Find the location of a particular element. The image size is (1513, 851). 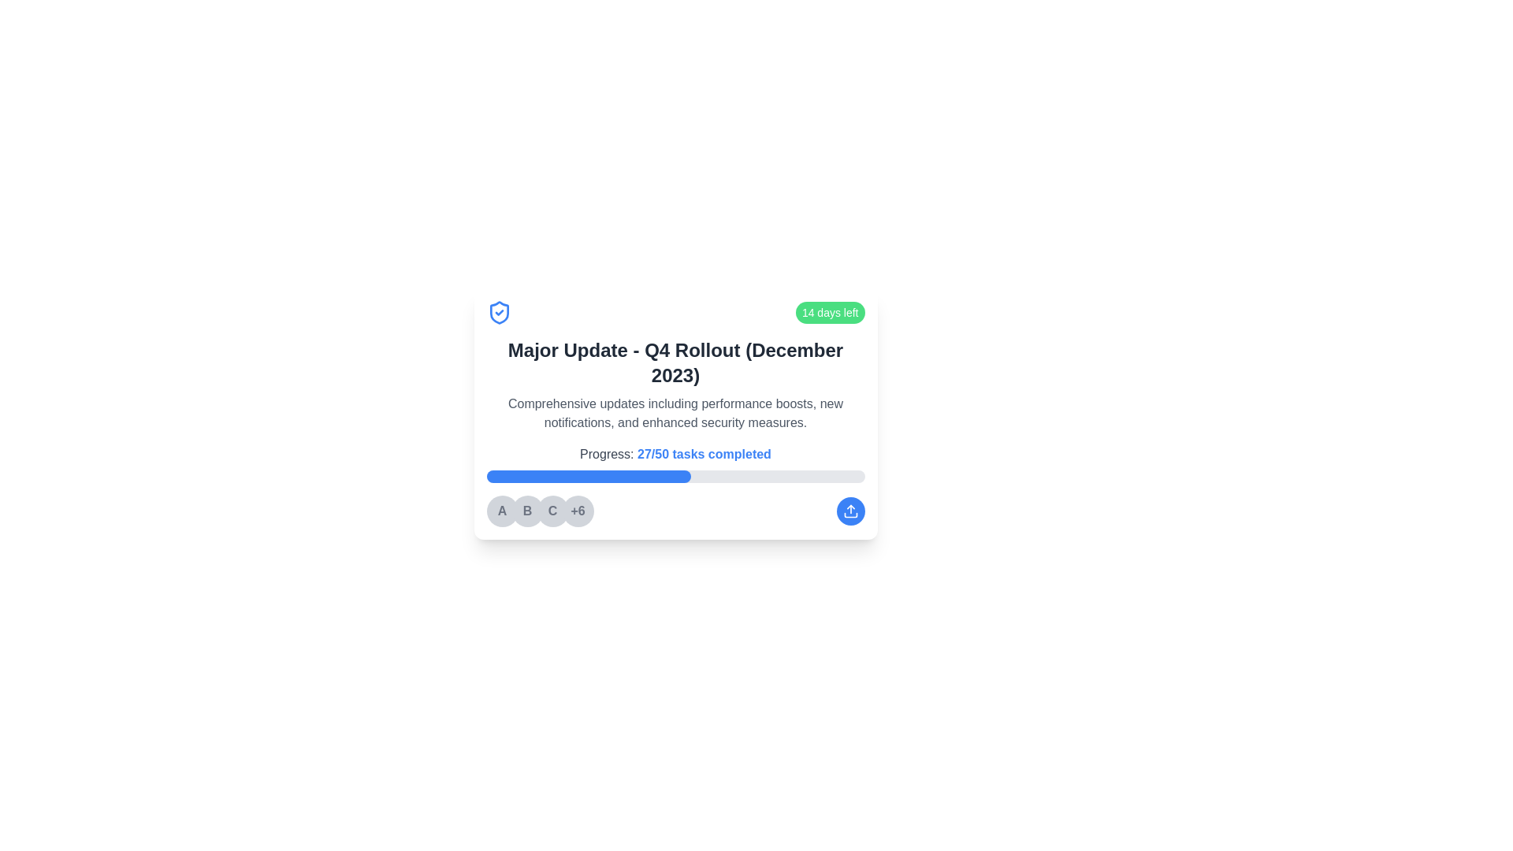

the text element displaying progress information, located just above the progress bar is located at coordinates (703, 454).